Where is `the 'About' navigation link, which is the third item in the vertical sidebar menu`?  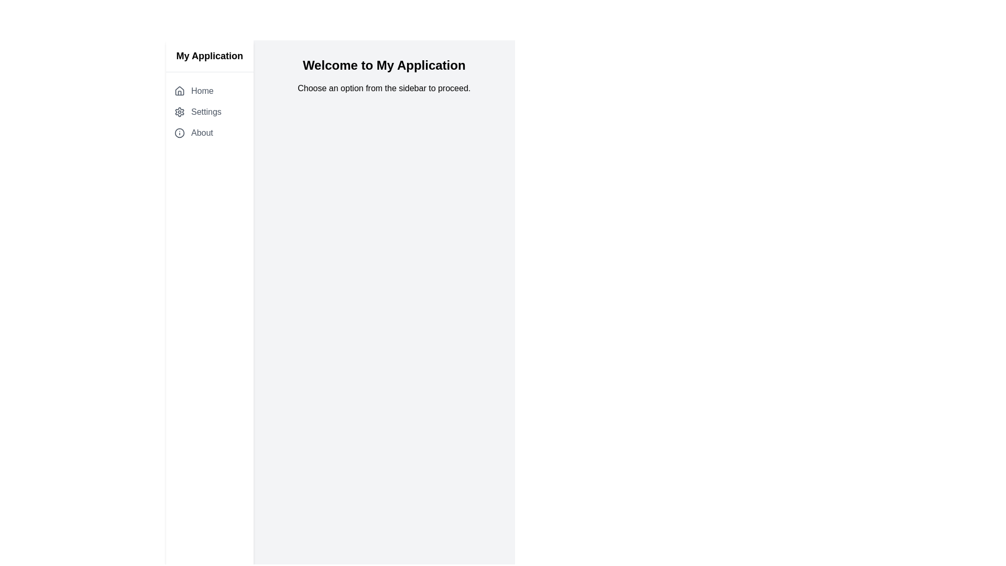 the 'About' navigation link, which is the third item in the vertical sidebar menu is located at coordinates (210, 133).